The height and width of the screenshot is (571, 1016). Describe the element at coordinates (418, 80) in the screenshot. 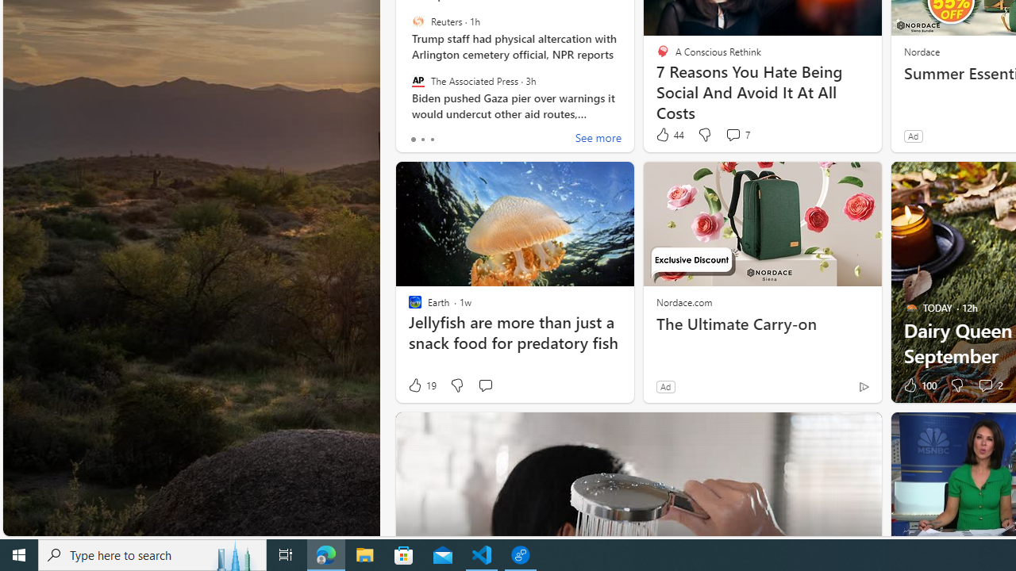

I see `'The Associated Press'` at that location.